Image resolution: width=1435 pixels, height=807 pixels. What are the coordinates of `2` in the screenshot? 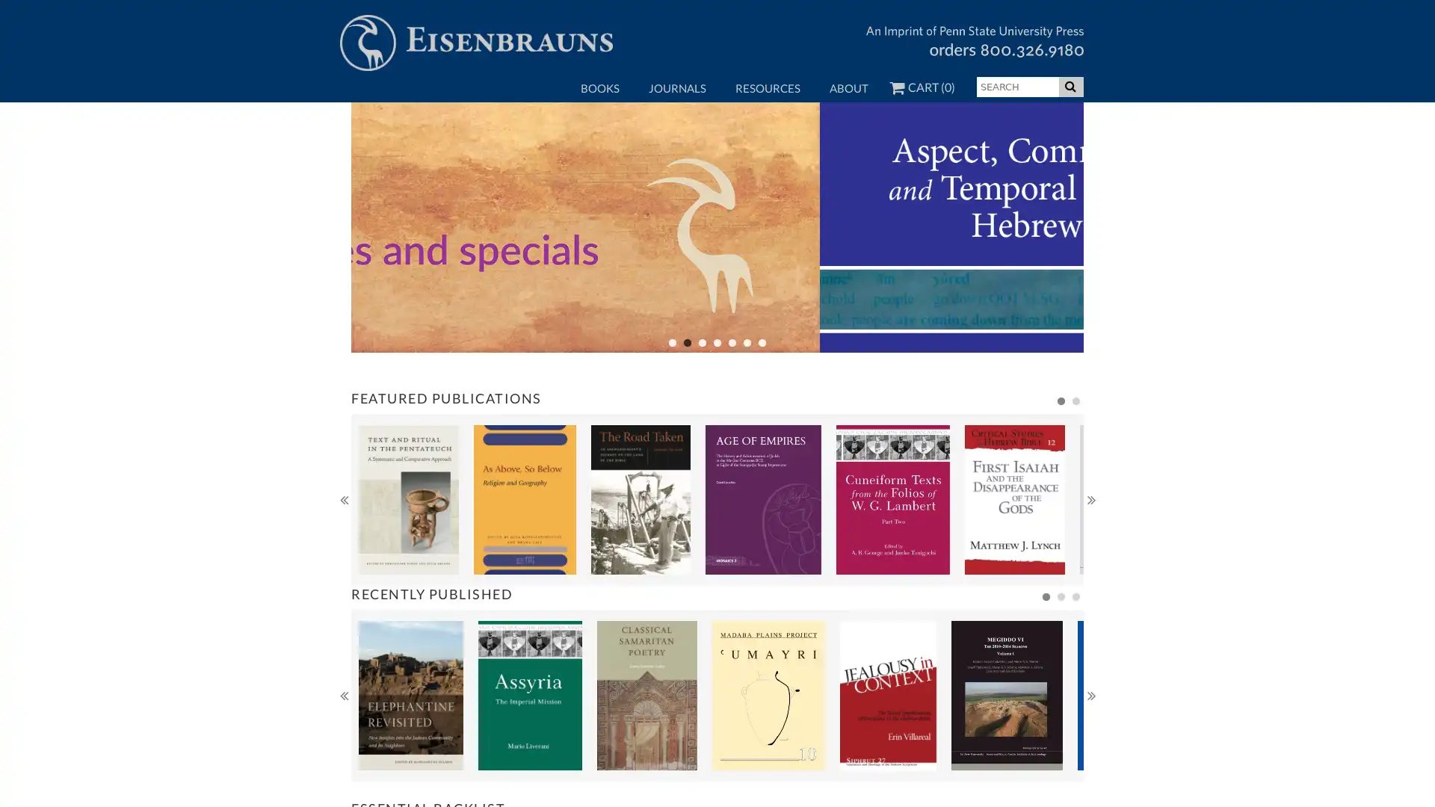 It's located at (1076, 457).